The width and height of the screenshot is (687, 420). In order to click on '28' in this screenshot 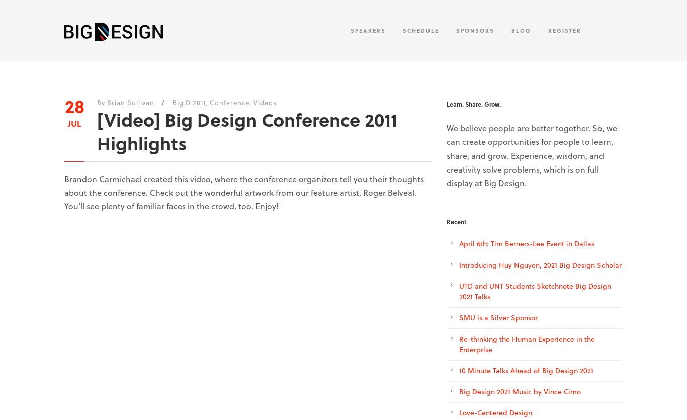, I will do `click(73, 106)`.